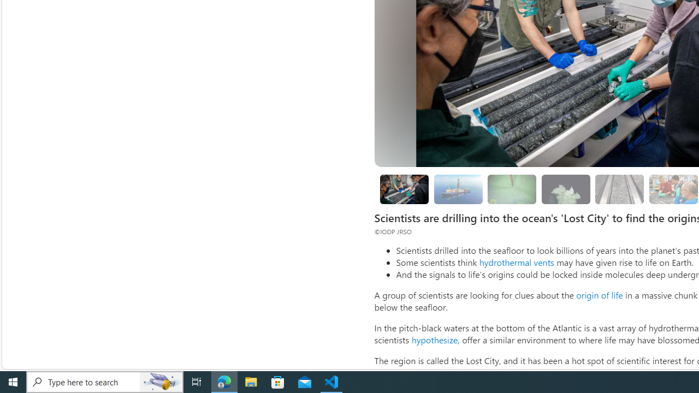 This screenshot has width=699, height=393. I want to click on 'hydrothermal vents', so click(516, 262).